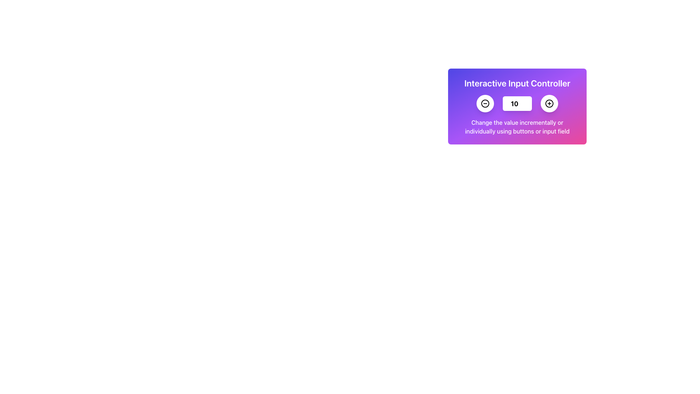 The image size is (700, 394). I want to click on the circular decrement button with a white background and black outline, featuring a black horizontal line at its center, to decrease the value, so click(485, 104).